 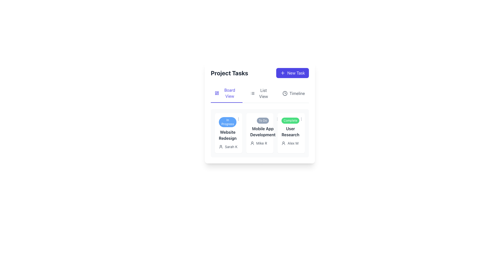 What do you see at coordinates (227, 129) in the screenshot?
I see `the first task card in the horizontal list, which contains a badge and title` at bounding box center [227, 129].